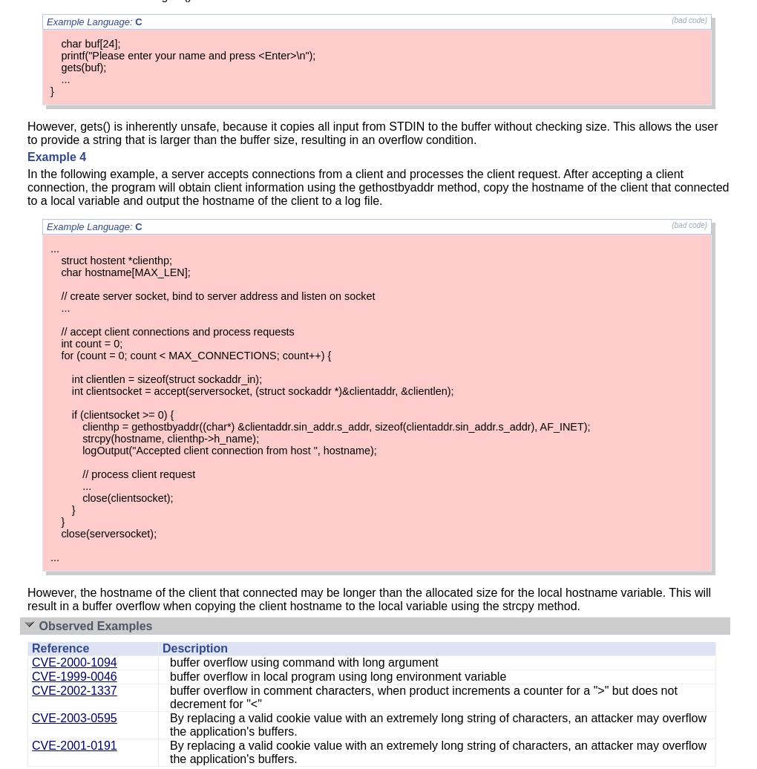 The width and height of the screenshot is (757, 769). What do you see at coordinates (70, 415) in the screenshot?
I see `'if (clientsocket >= 0) {'` at bounding box center [70, 415].